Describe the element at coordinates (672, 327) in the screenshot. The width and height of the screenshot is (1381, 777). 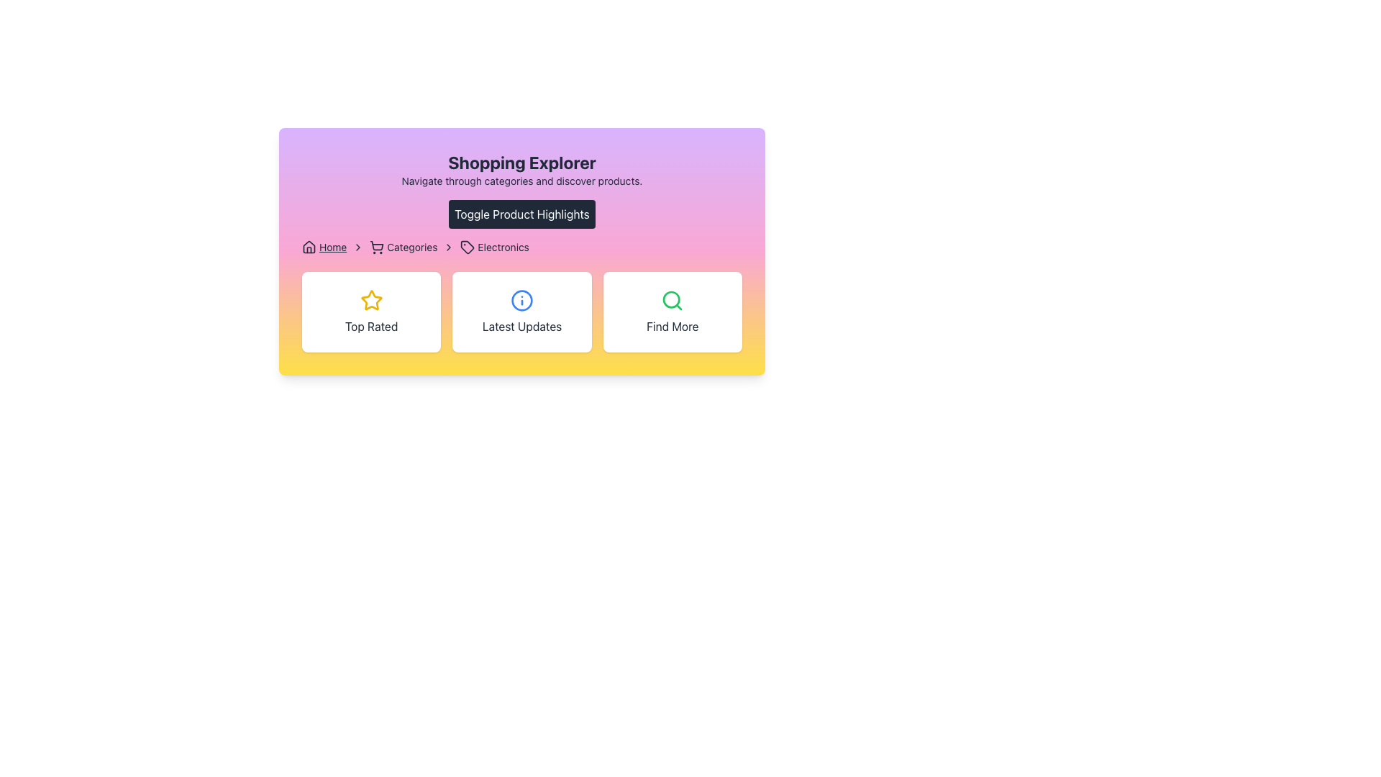
I see `the text label located centrally beneath the green search icon in the rightmost card of the layout` at that location.